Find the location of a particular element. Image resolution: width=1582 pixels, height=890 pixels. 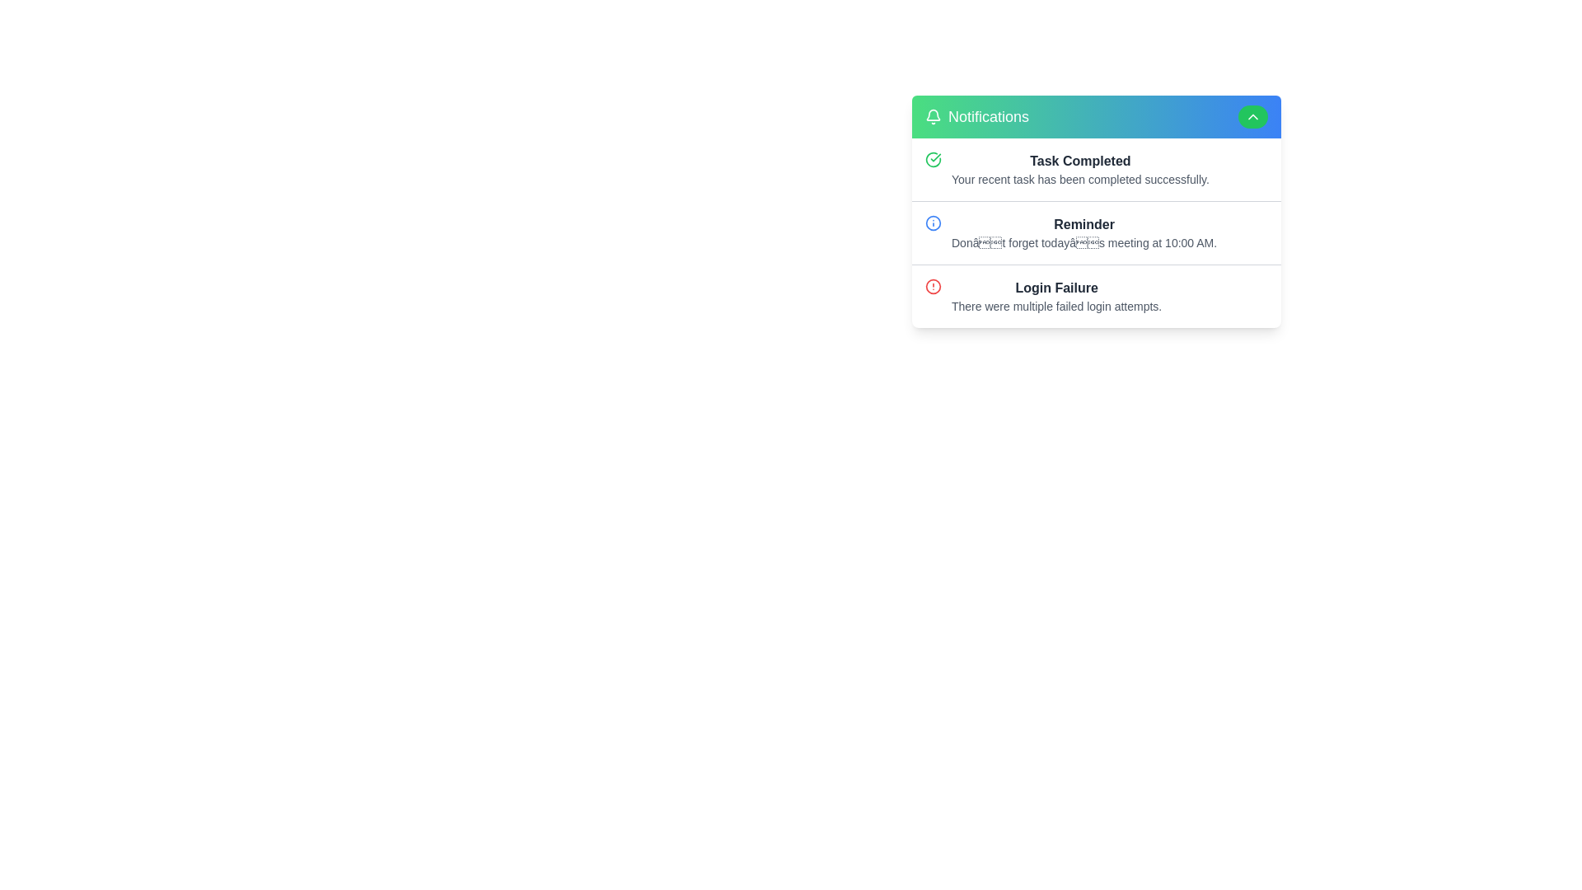

the success completion icon located in the first row of the notification panel, to the left of the 'Task Completed' heading is located at coordinates (933, 159).